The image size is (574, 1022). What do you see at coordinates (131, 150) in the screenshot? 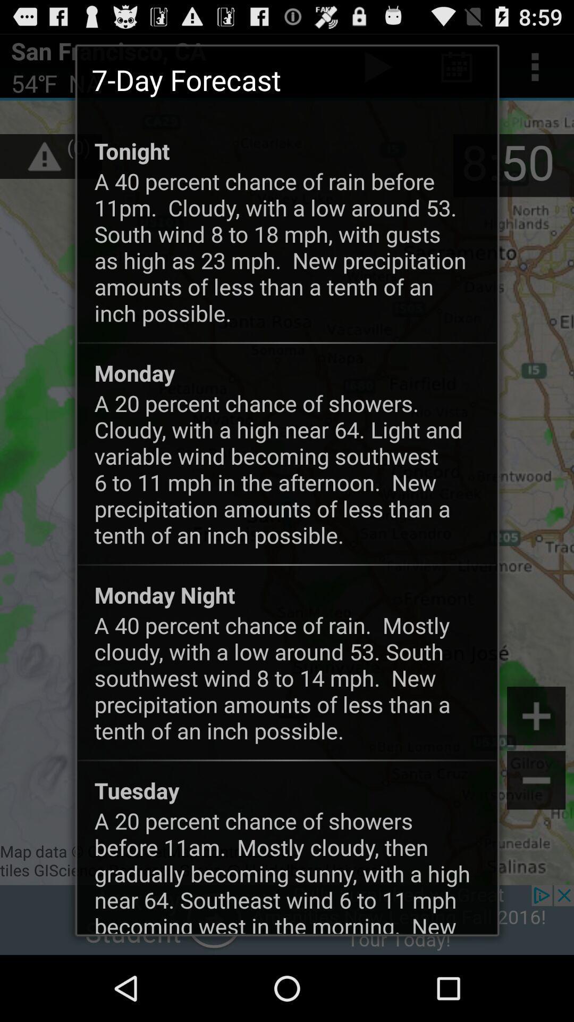
I see `app above a 40 percent item` at bounding box center [131, 150].